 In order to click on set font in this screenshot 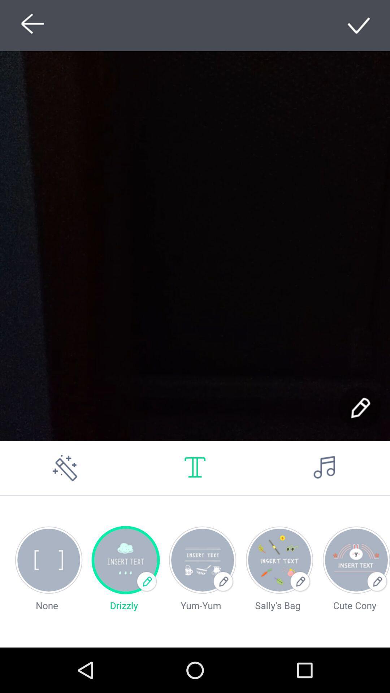, I will do `click(195, 468)`.